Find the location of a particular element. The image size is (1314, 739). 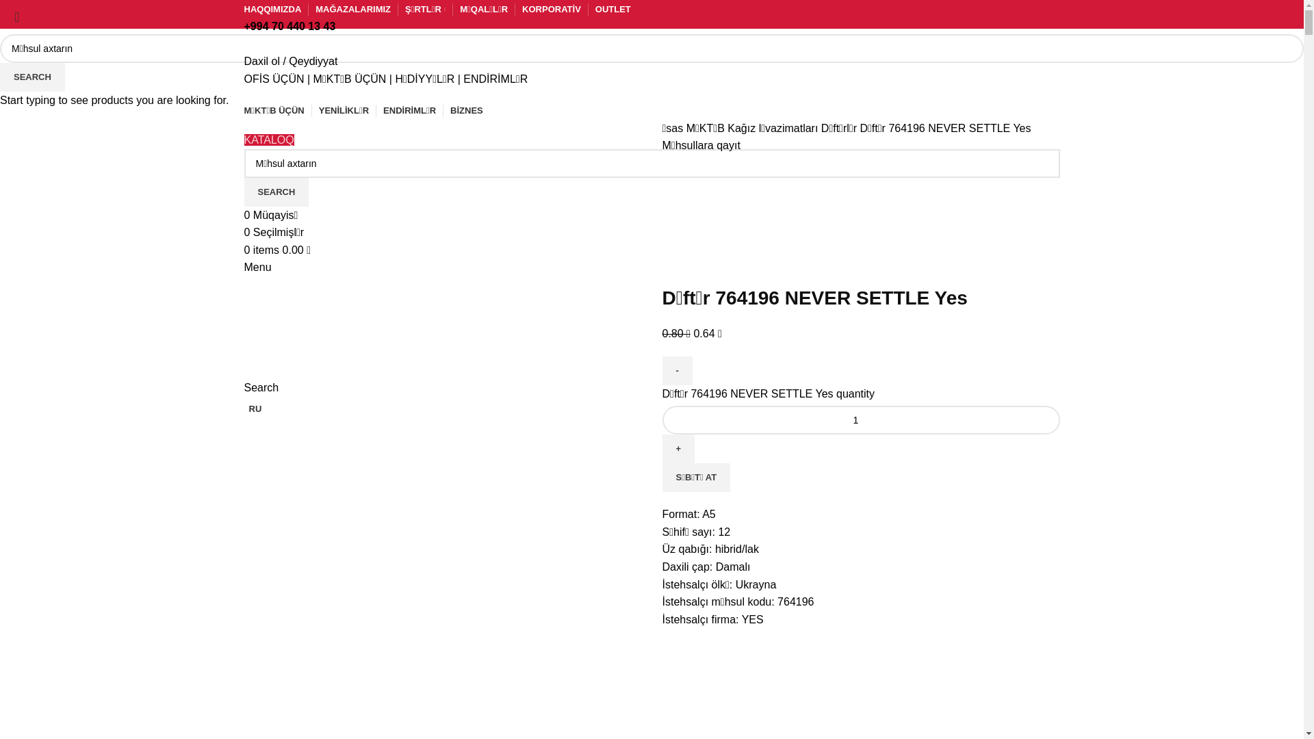

'HAQQIMIZDA' is located at coordinates (243, 10).